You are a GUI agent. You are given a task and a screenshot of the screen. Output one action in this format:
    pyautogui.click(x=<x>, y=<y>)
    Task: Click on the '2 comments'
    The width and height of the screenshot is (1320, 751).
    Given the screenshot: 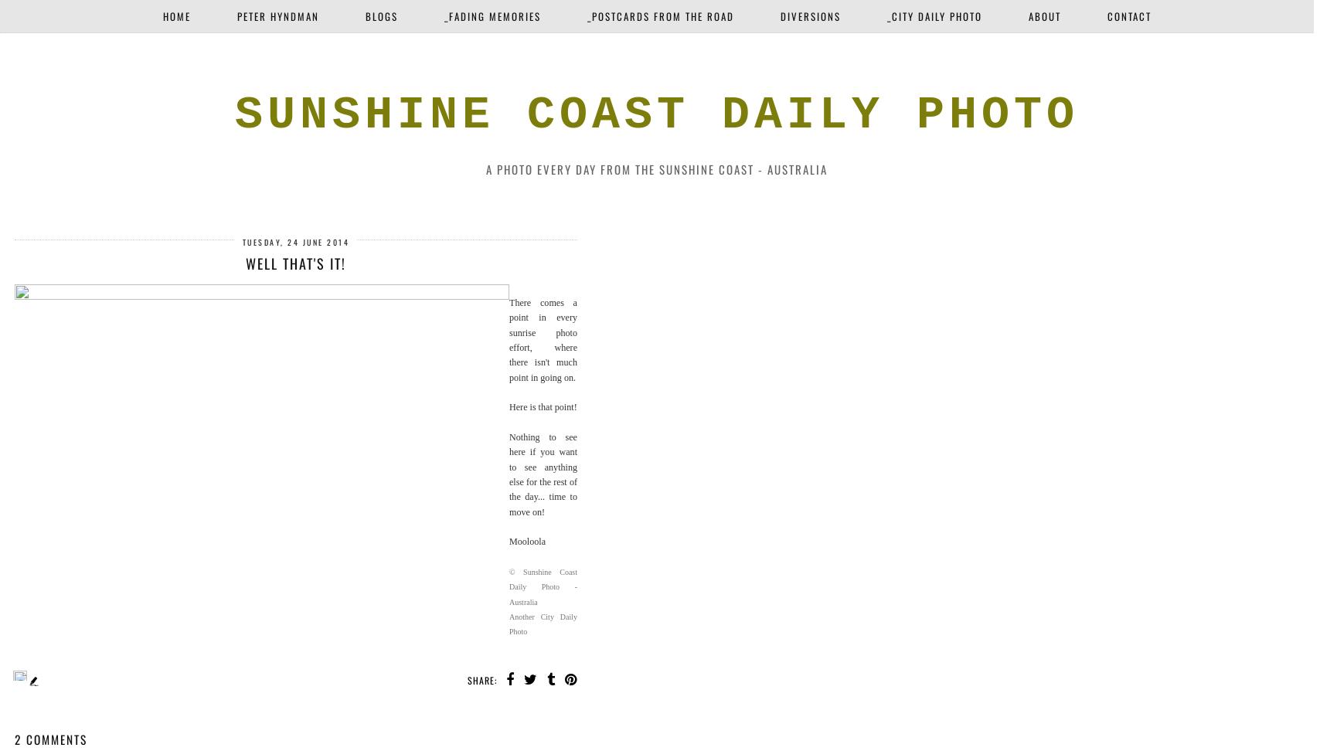 What is the action you would take?
    pyautogui.click(x=50, y=739)
    